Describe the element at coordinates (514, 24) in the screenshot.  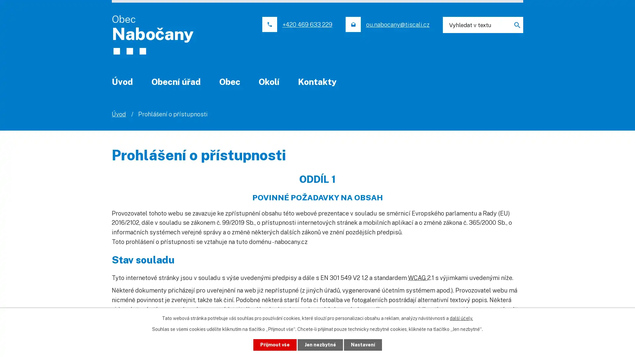
I see `Hledat` at that location.